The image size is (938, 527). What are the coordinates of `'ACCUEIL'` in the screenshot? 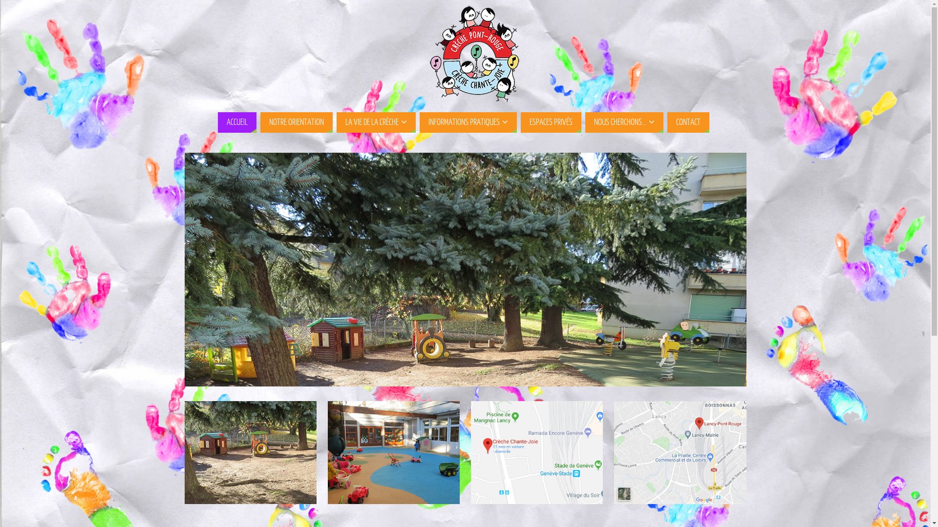 It's located at (237, 122).